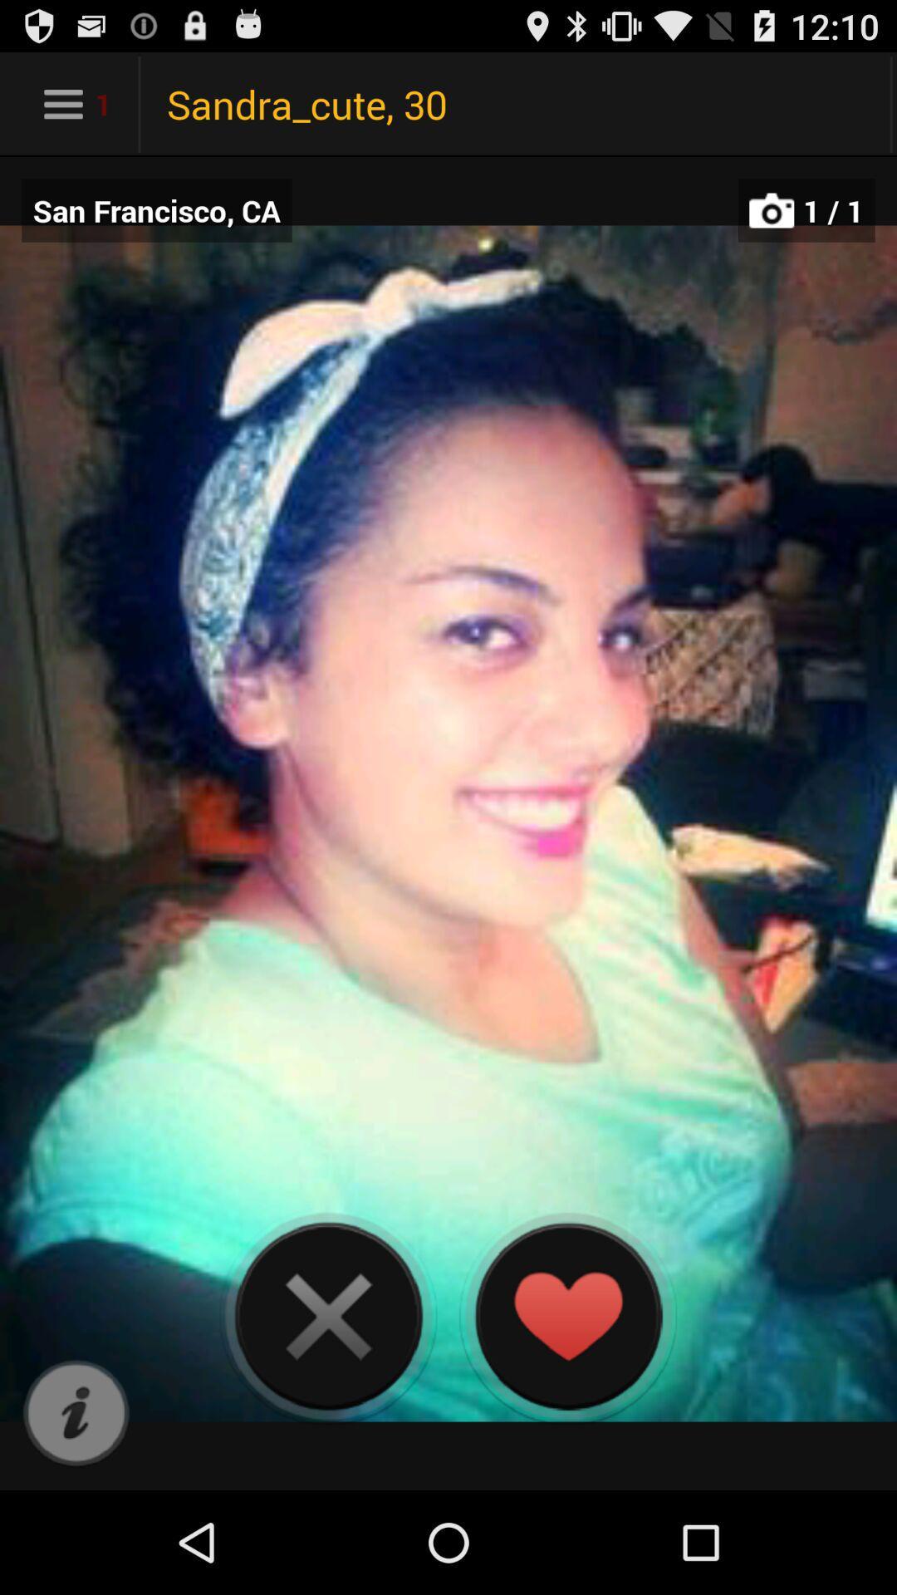  Describe the element at coordinates (566, 1315) in the screenshot. I see `a heart` at that location.